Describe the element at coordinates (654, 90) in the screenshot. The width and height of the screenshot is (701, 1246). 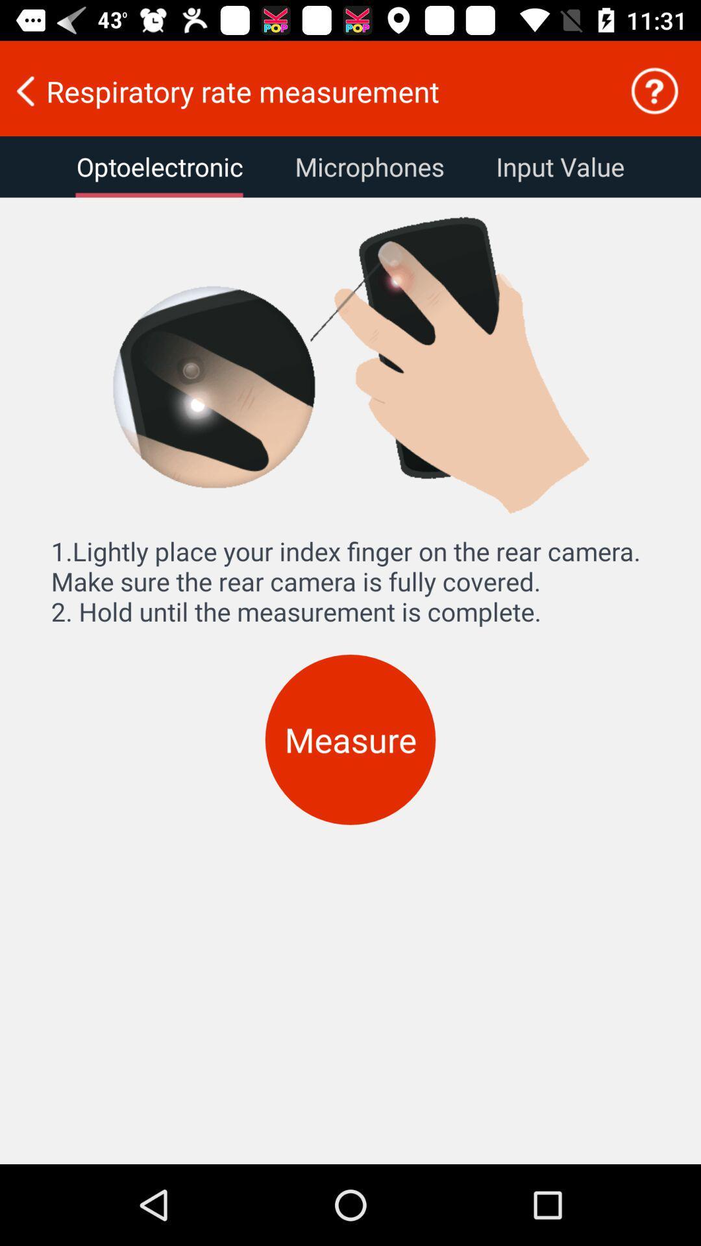
I see `the icon above the input value` at that location.